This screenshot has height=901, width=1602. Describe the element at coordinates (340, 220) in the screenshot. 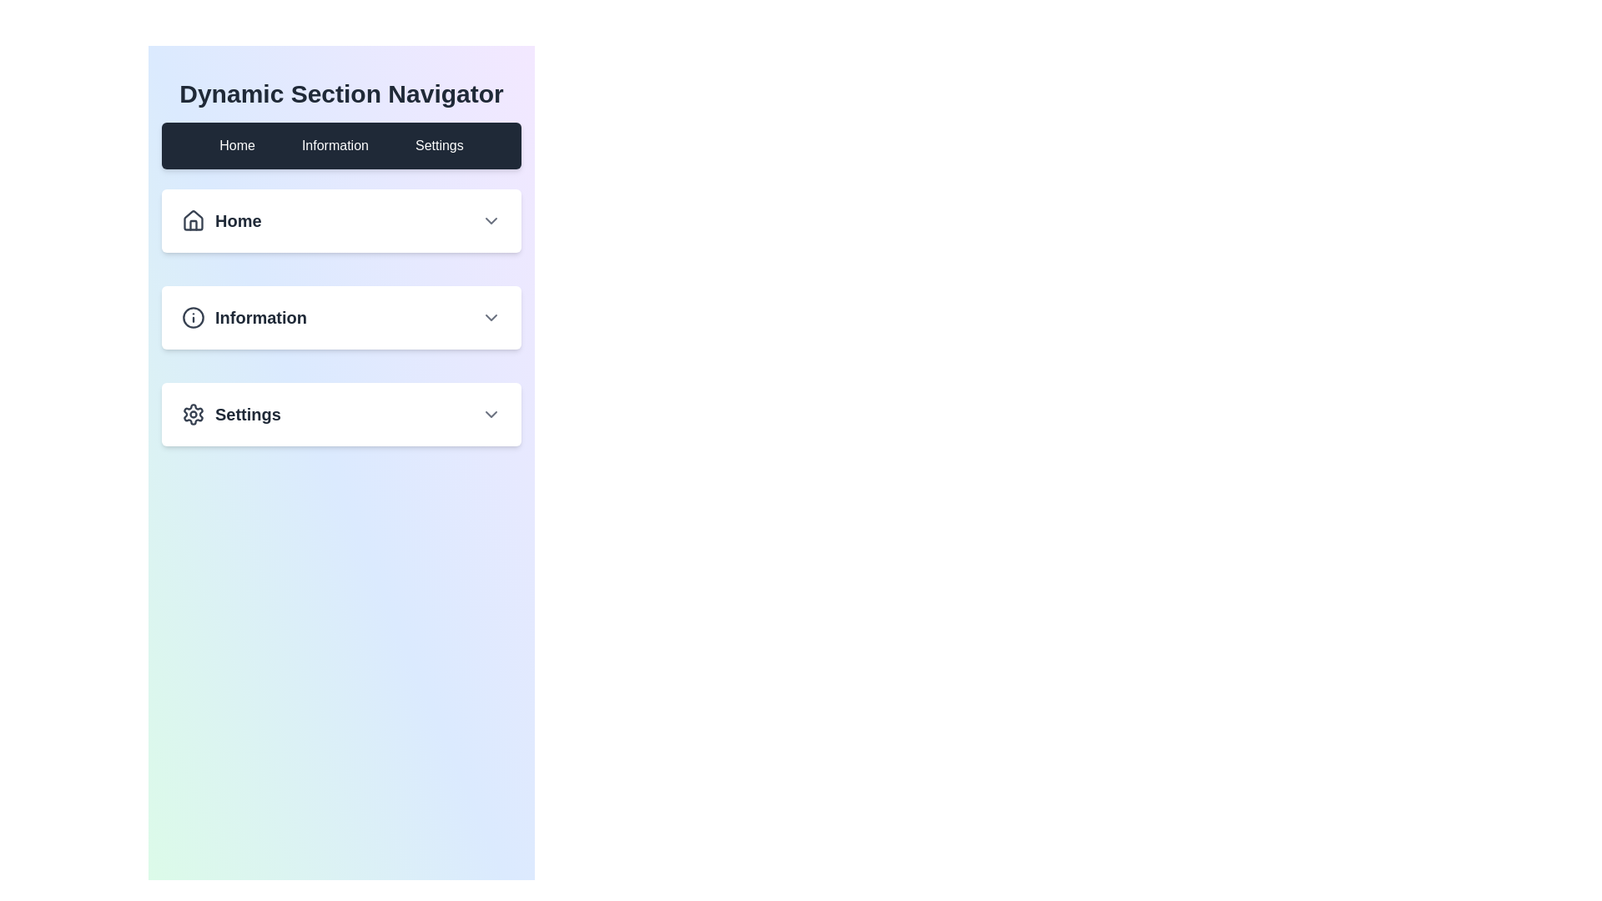

I see `the dropdown arrow on the clickable navigation item labeled 'Home'` at that location.